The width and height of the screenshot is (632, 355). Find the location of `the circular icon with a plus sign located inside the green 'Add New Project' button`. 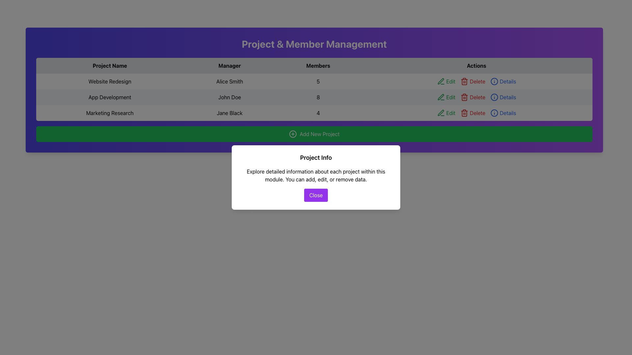

the circular icon with a plus sign located inside the green 'Add New Project' button is located at coordinates (293, 134).